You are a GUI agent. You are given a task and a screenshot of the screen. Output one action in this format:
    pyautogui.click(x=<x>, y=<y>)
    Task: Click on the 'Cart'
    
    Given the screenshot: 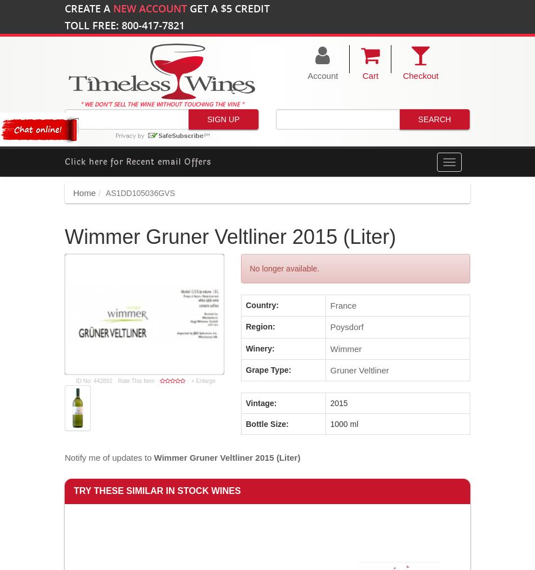 What is the action you would take?
    pyautogui.click(x=370, y=75)
    